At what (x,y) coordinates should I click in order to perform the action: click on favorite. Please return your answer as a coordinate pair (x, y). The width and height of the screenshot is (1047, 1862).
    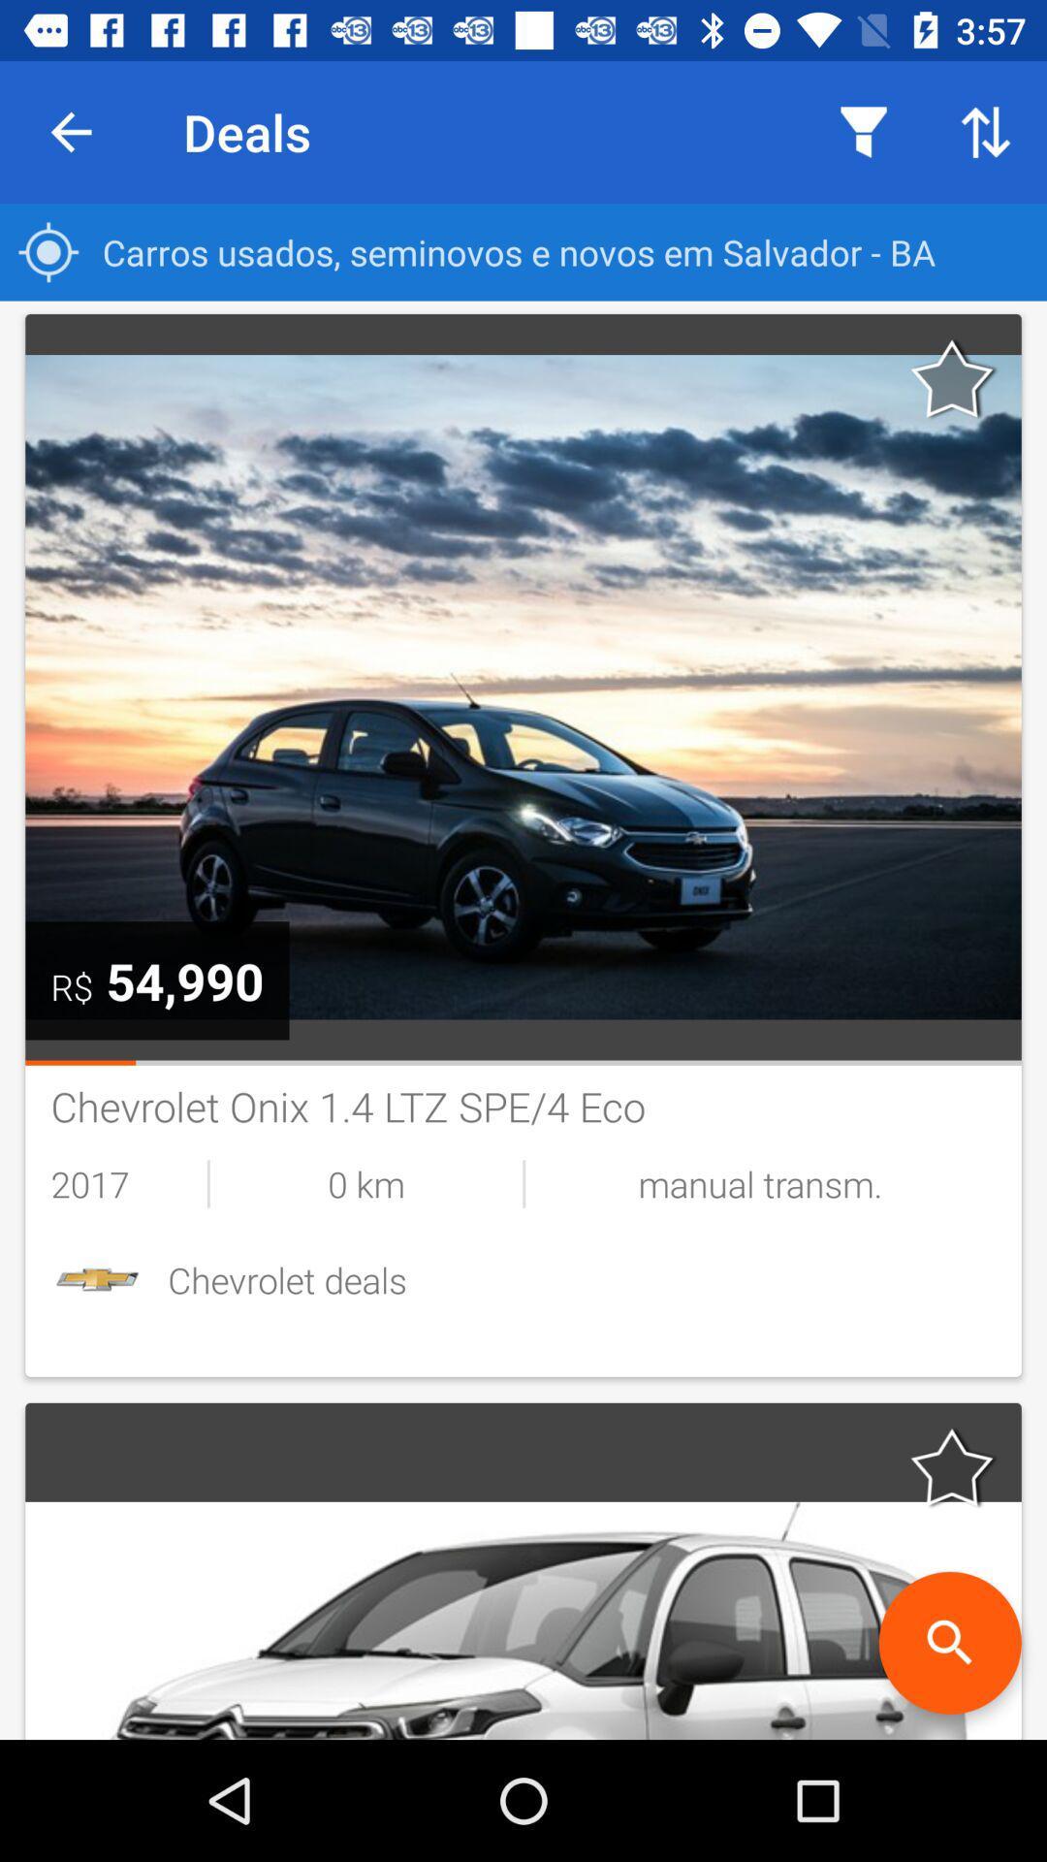
    Looking at the image, I should click on (952, 378).